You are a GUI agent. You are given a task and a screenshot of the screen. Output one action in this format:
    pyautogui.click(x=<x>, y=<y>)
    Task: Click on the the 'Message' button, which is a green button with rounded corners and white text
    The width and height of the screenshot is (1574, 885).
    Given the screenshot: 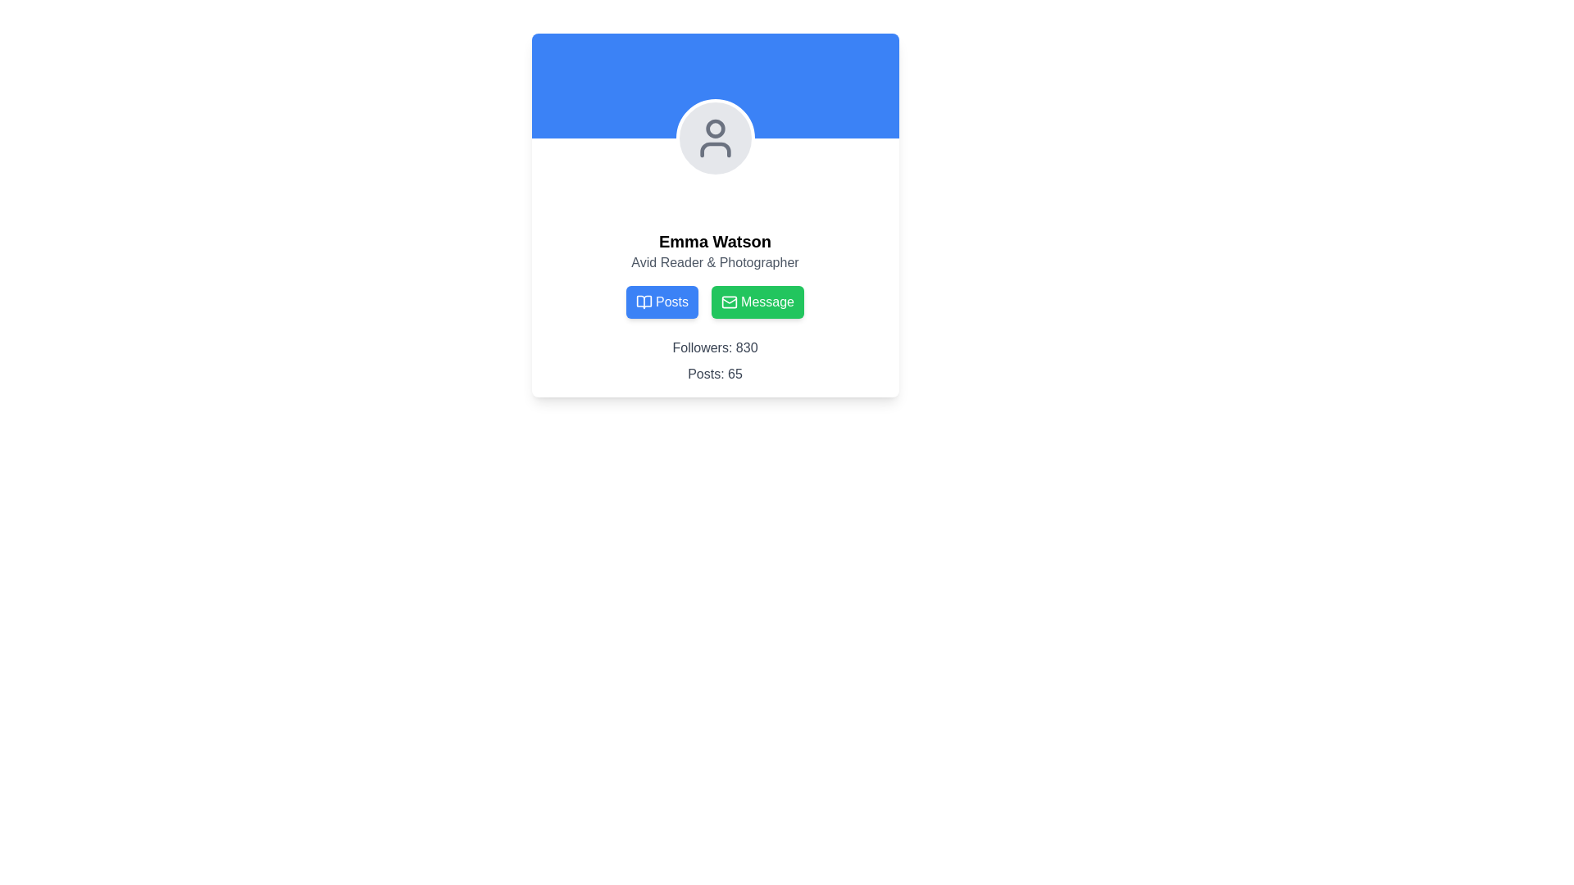 What is the action you would take?
    pyautogui.click(x=767, y=302)
    